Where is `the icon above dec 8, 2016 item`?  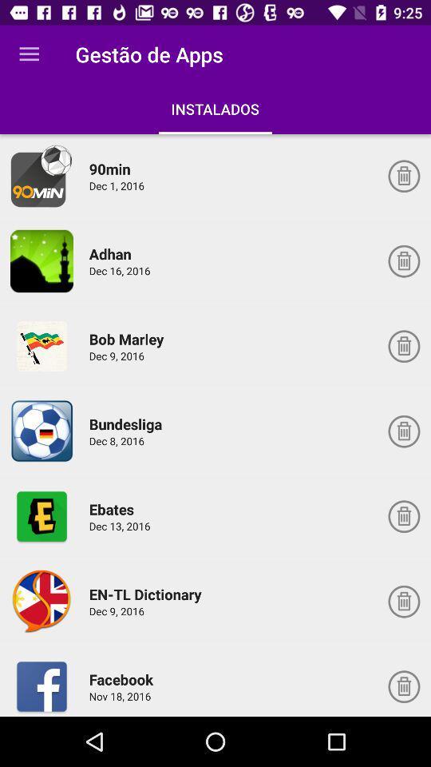
the icon above dec 8, 2016 item is located at coordinates (127, 423).